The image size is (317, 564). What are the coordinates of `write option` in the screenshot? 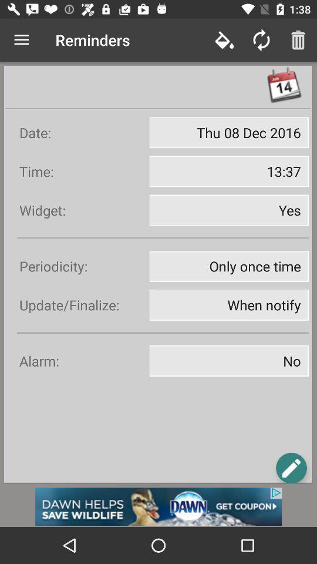 It's located at (291, 468).